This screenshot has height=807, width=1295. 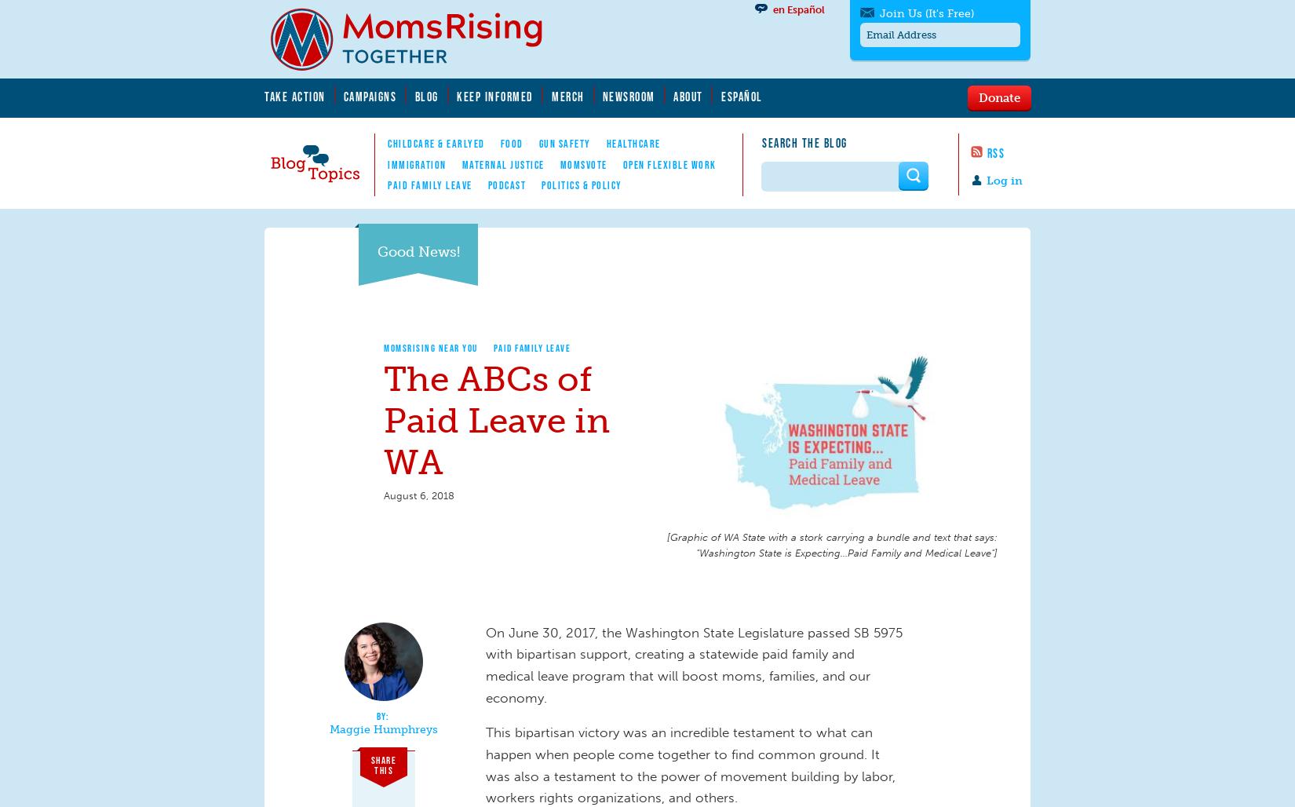 What do you see at coordinates (669, 162) in the screenshot?
I see `'Open Flexible Work'` at bounding box center [669, 162].